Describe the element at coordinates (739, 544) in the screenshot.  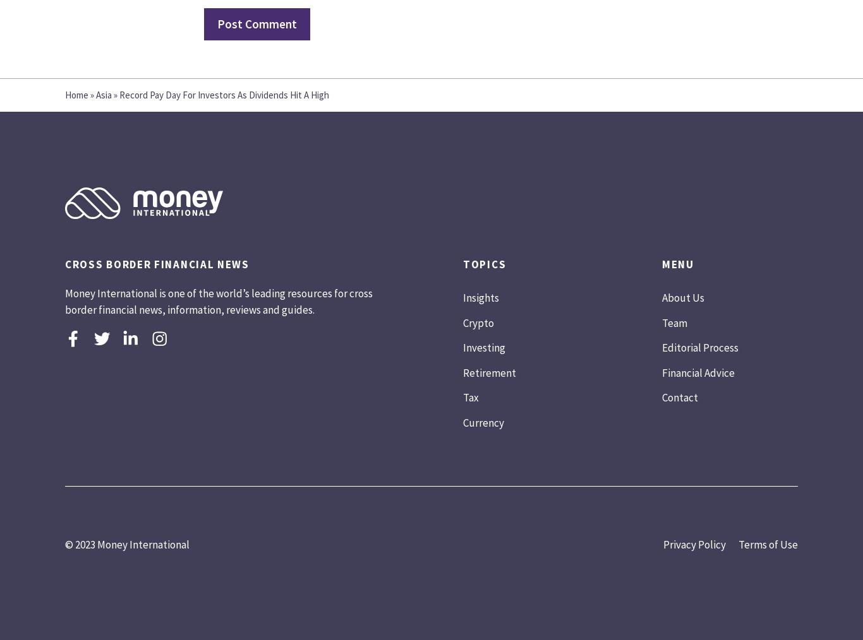
I see `'Terms of Use'` at that location.